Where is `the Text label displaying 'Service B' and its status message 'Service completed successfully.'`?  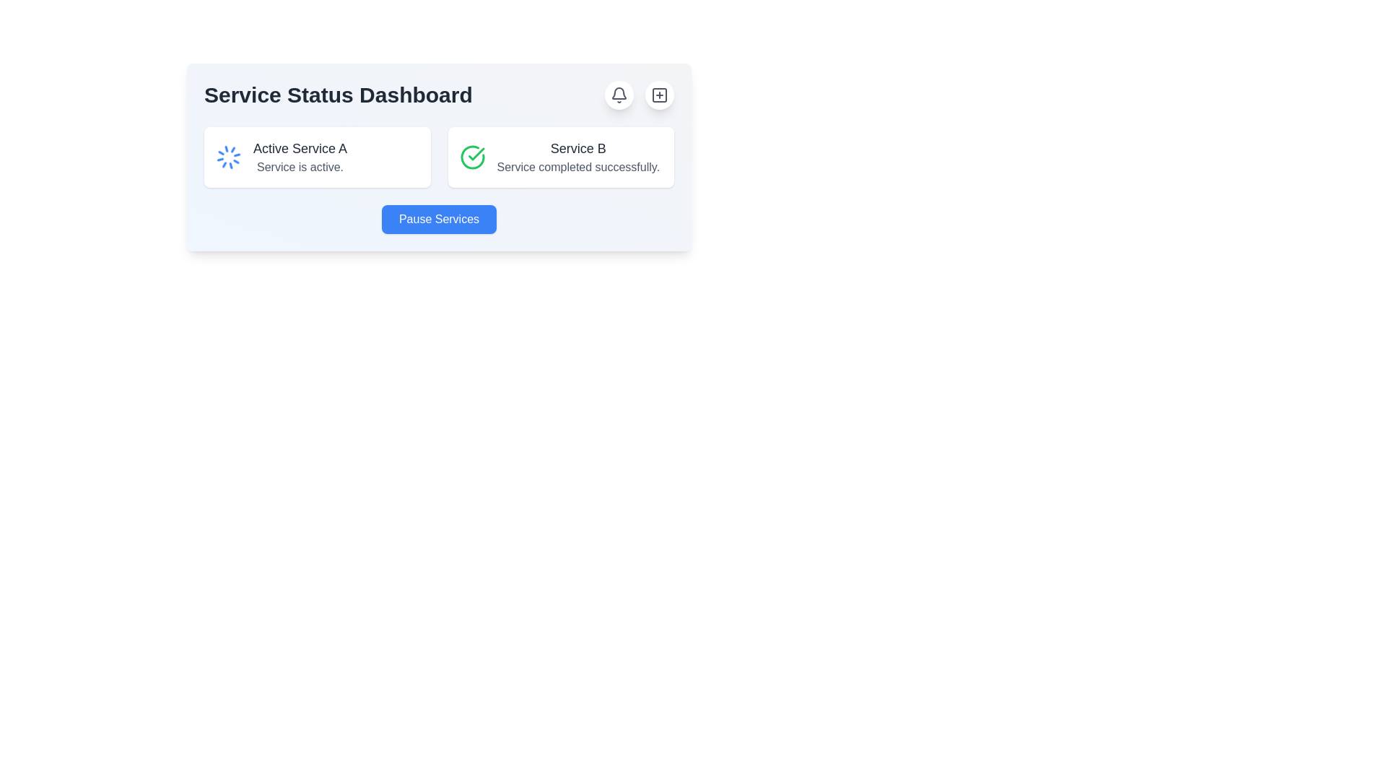
the Text label displaying 'Service B' and its status message 'Service completed successfully.' is located at coordinates (578, 148).